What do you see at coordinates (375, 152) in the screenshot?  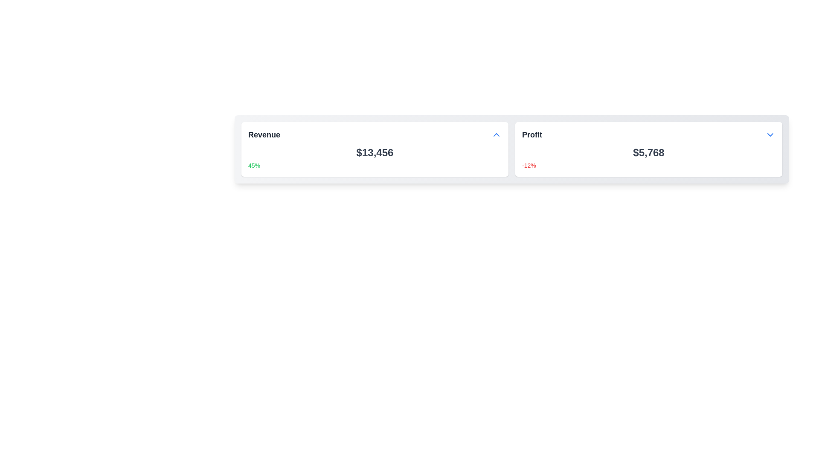 I see `the text element displaying the total revenue value ('$13,456') that is centrally located within the white card labeled 'Revenue'` at bounding box center [375, 152].